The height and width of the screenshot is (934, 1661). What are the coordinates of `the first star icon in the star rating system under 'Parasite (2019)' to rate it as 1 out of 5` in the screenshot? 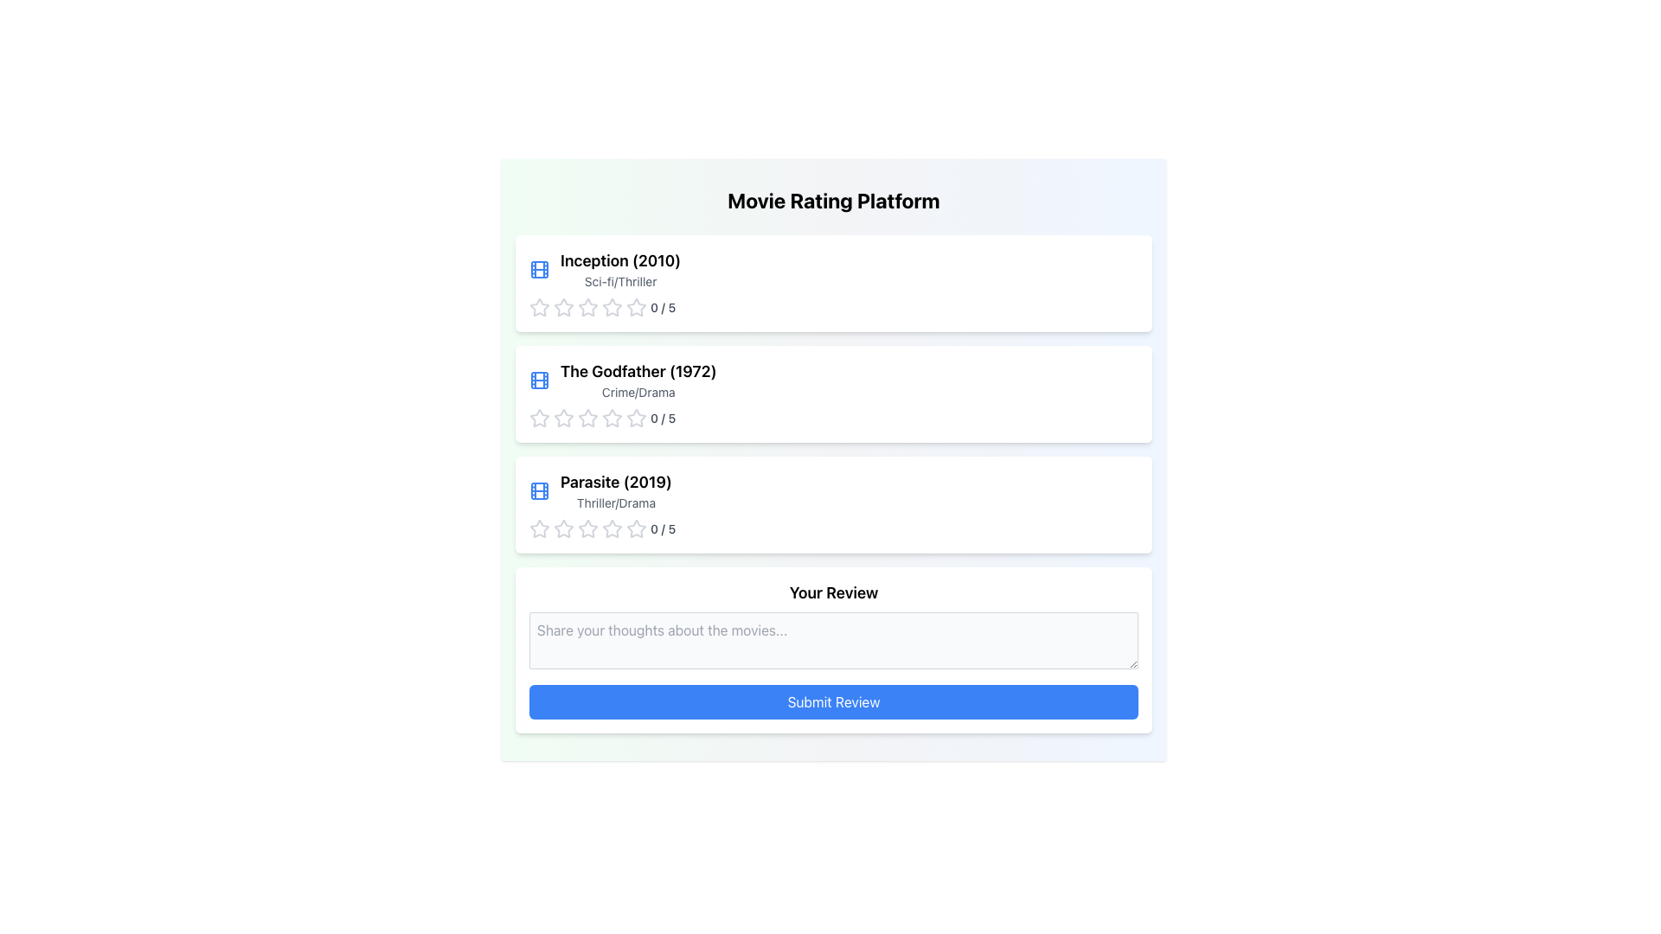 It's located at (588, 528).